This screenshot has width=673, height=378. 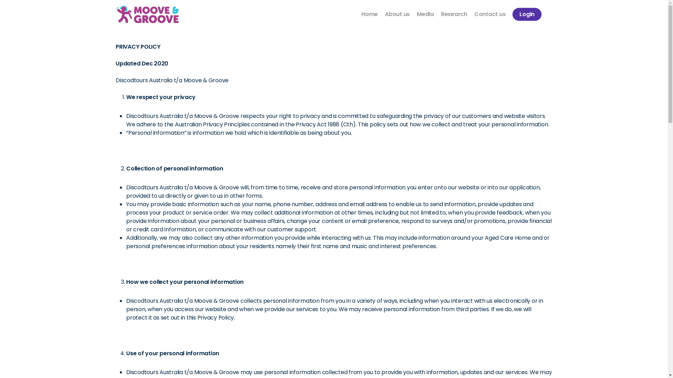 I want to click on 'Media', so click(x=425, y=14).